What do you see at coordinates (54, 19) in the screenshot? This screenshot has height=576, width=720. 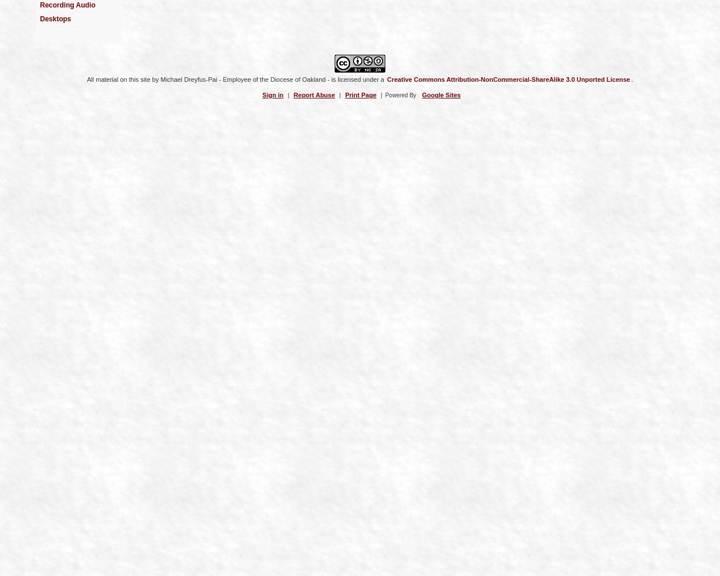 I see `'Desktops'` at bounding box center [54, 19].